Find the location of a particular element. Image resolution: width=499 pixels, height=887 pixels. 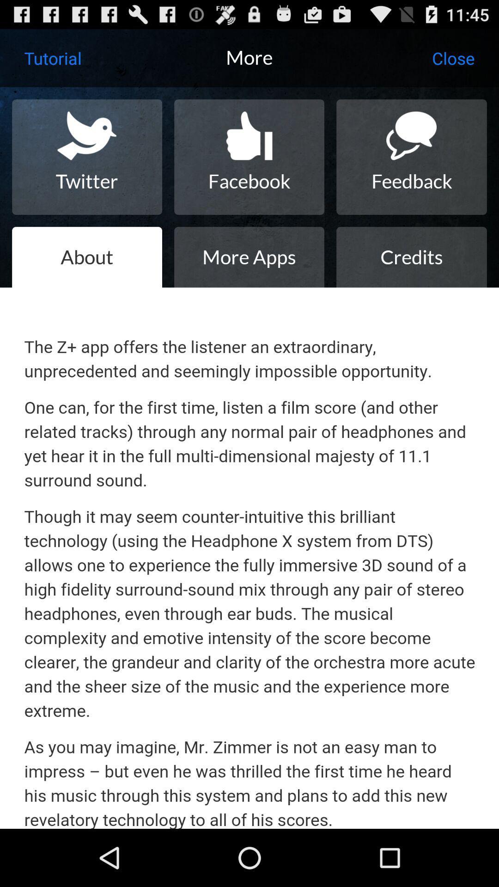

icon to the right of twitter is located at coordinates (249, 157).